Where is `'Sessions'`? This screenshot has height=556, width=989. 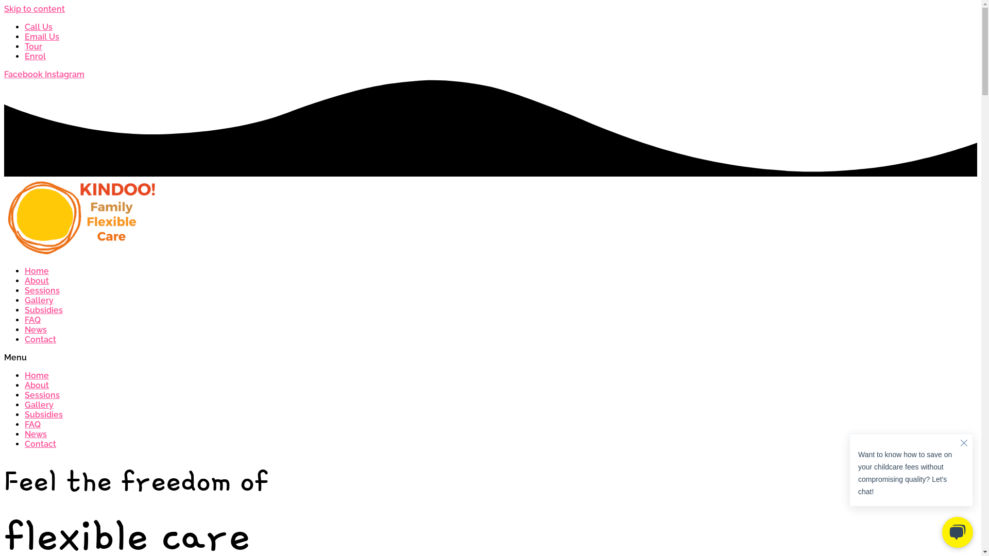 'Sessions' is located at coordinates (25, 290).